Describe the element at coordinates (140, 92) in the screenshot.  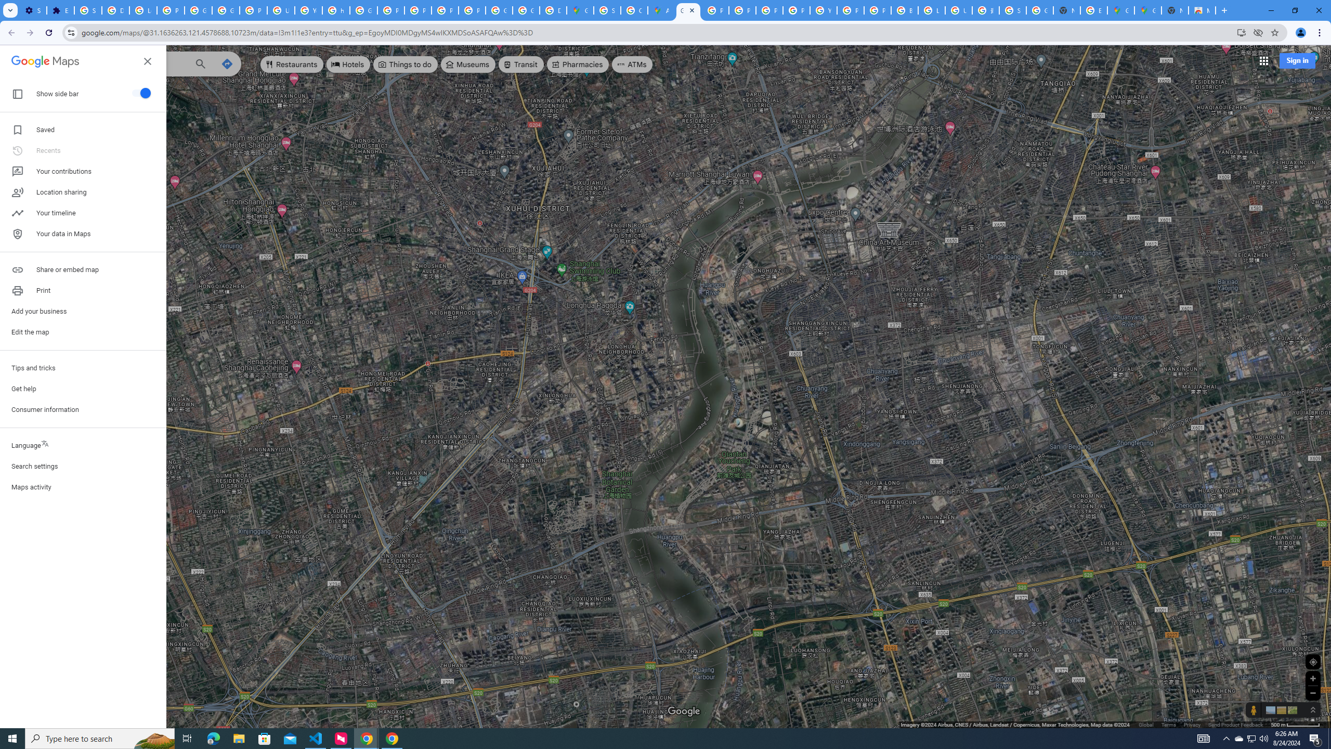
I see `'Show side bar'` at that location.